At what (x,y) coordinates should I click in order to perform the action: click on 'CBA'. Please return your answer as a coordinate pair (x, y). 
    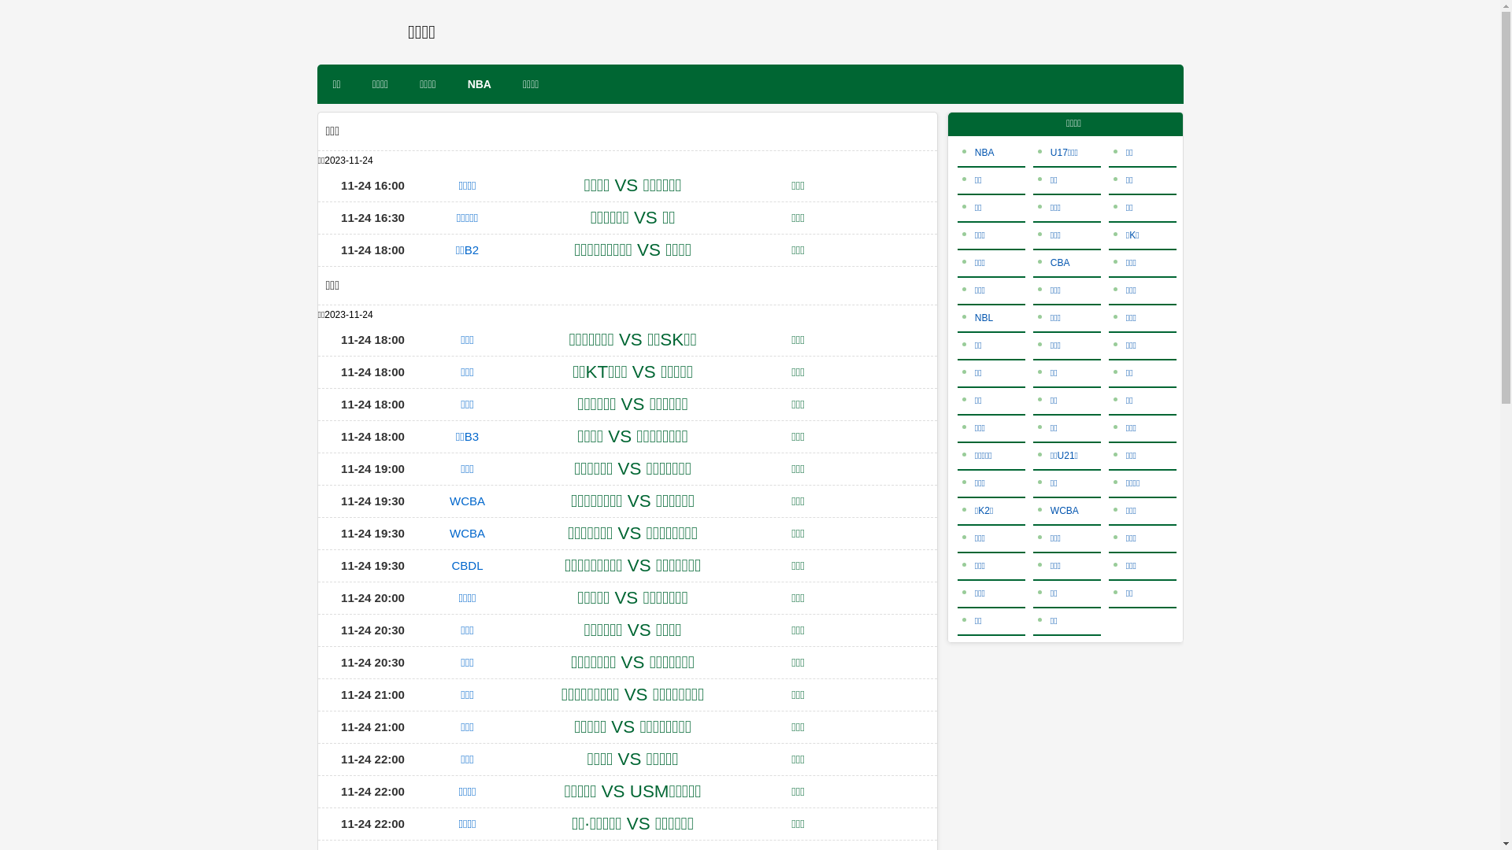
    Looking at the image, I should click on (1054, 262).